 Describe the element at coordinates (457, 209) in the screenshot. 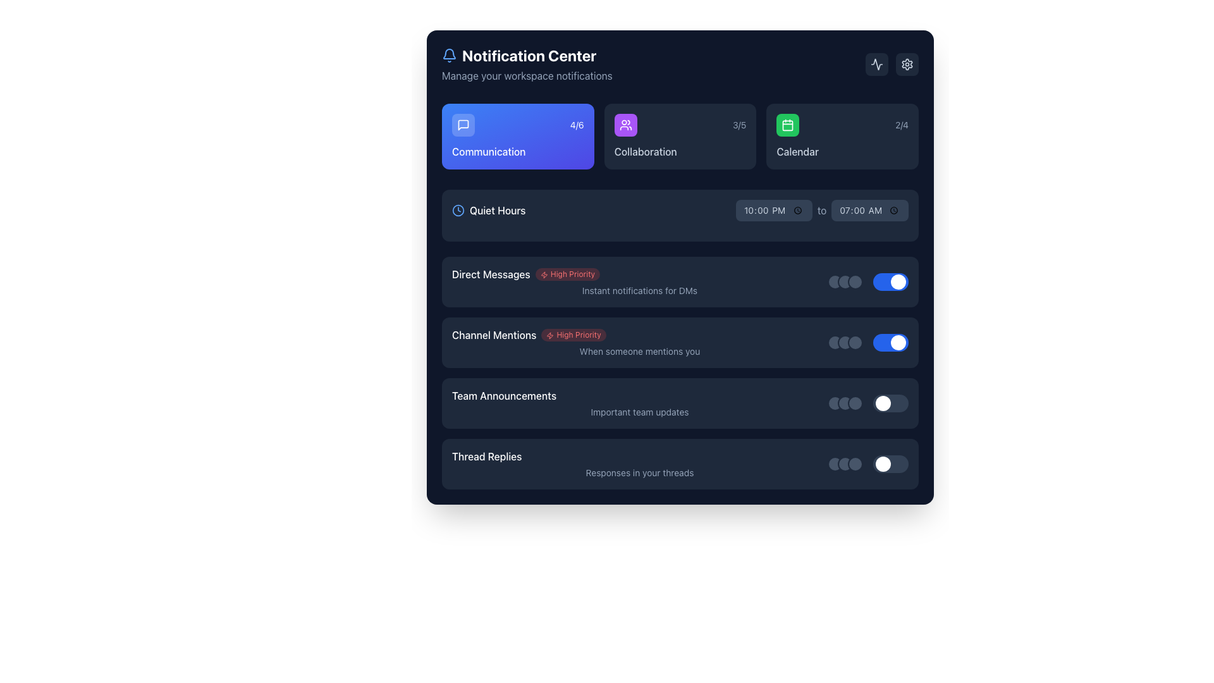

I see `the clock icon, which is styled with a blue tone and located to the left of the 'Quiet Hours' label` at that location.